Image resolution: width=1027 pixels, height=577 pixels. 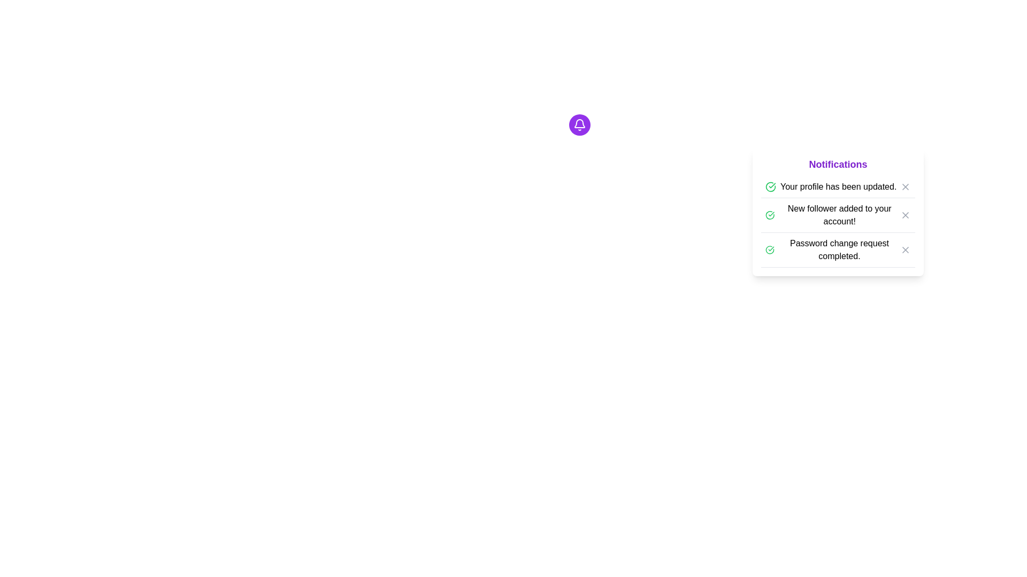 What do you see at coordinates (837, 221) in the screenshot?
I see `notification alert displaying 'New follower added to your account!' which is the second notification in the Notifications panel` at bounding box center [837, 221].